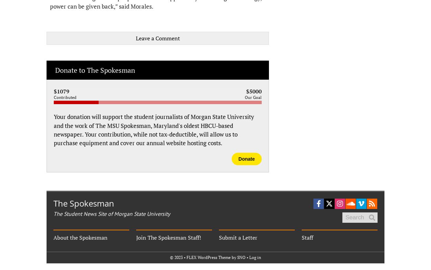 The image size is (431, 270). What do you see at coordinates (136, 38) in the screenshot?
I see `'Leave a Comment'` at bounding box center [136, 38].